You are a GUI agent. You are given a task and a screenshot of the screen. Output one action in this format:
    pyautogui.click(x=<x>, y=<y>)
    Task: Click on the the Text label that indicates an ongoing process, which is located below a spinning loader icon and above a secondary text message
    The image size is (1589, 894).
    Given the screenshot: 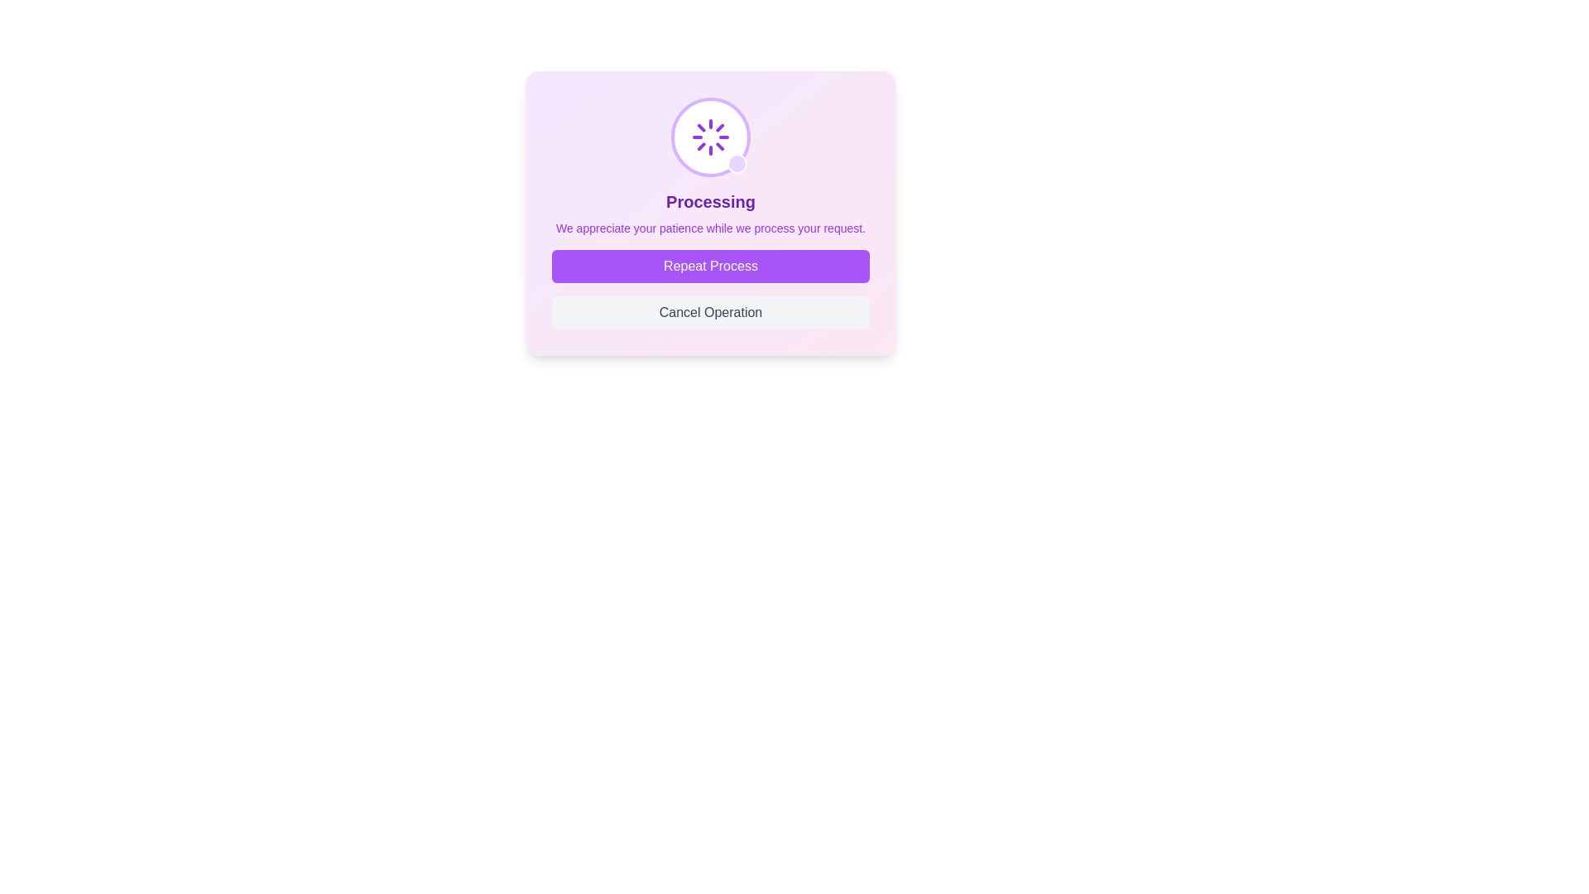 What is the action you would take?
    pyautogui.click(x=711, y=200)
    